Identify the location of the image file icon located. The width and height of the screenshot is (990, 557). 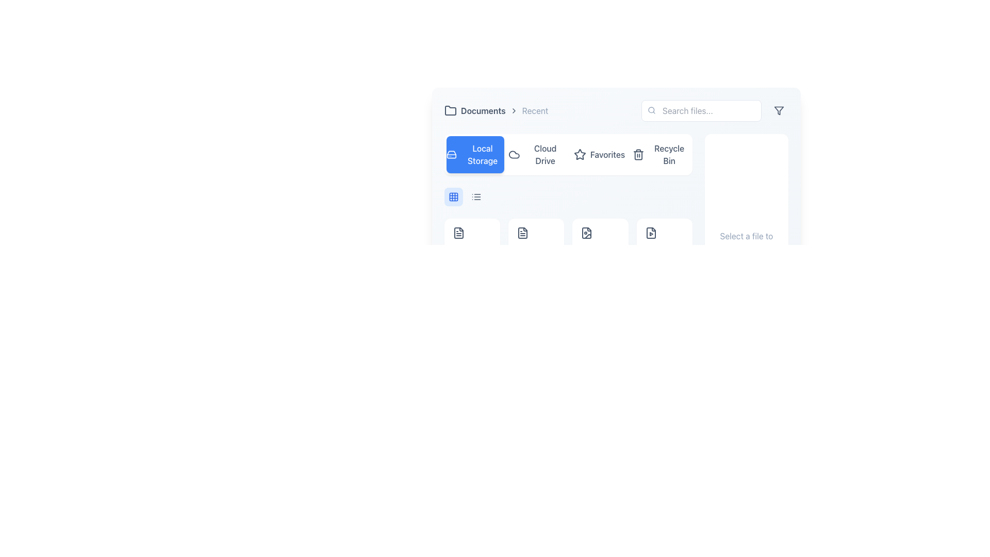
(586, 233).